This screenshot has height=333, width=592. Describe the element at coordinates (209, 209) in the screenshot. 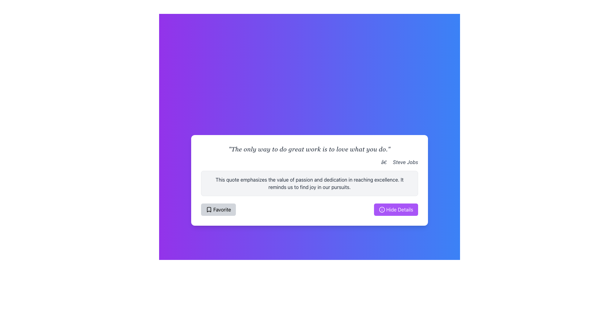

I see `the SVG icon within the 'Favorite' button located at the bottom left of the card component` at that location.